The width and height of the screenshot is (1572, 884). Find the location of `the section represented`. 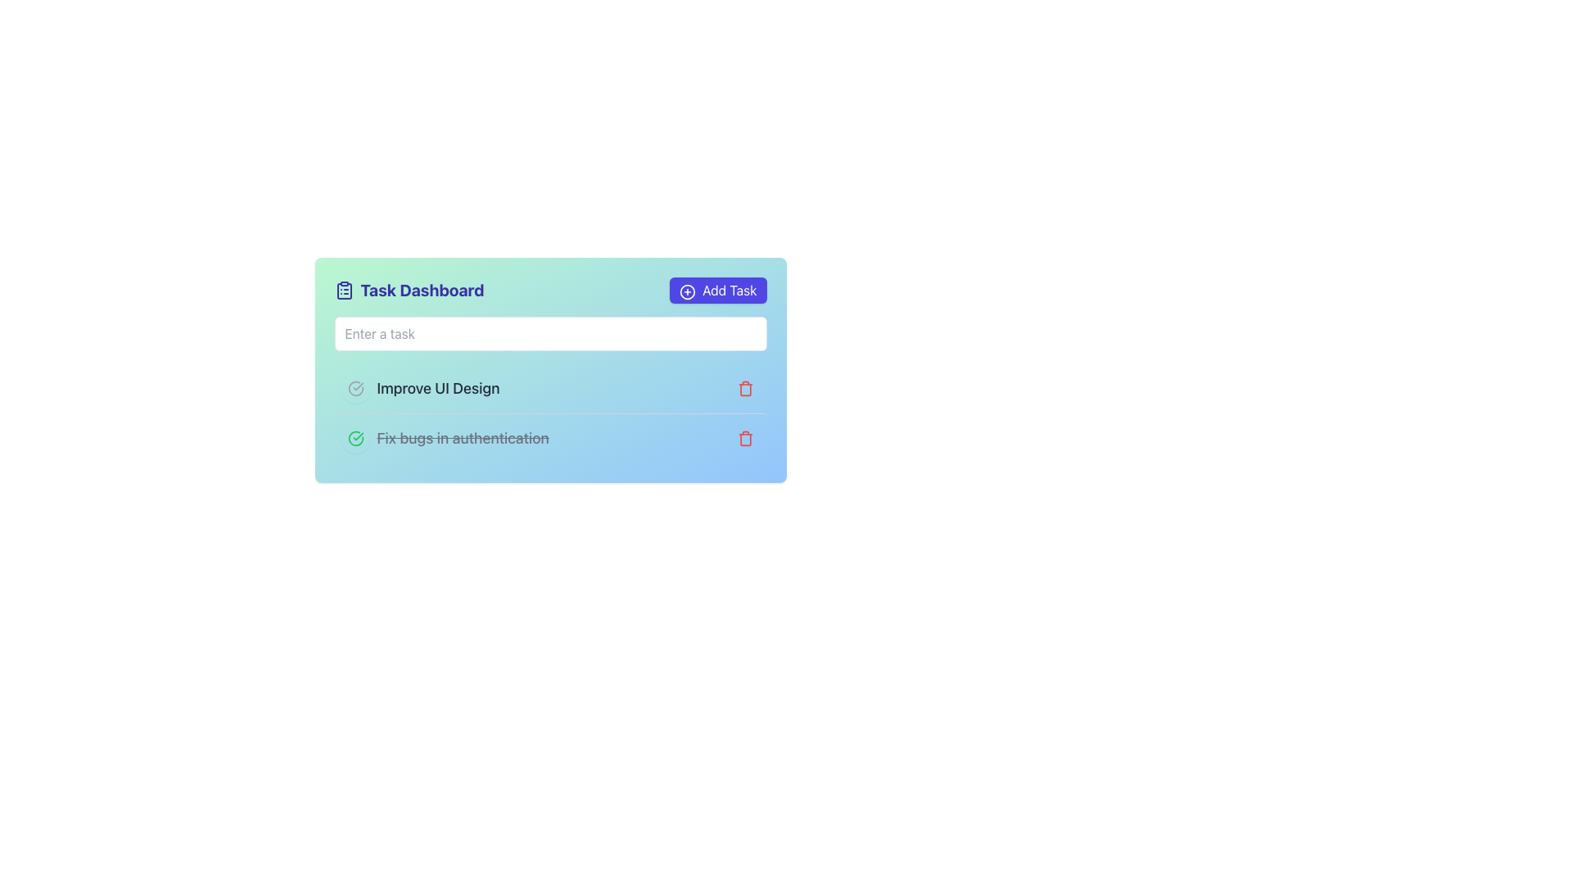

the section represented is located at coordinates (343, 289).